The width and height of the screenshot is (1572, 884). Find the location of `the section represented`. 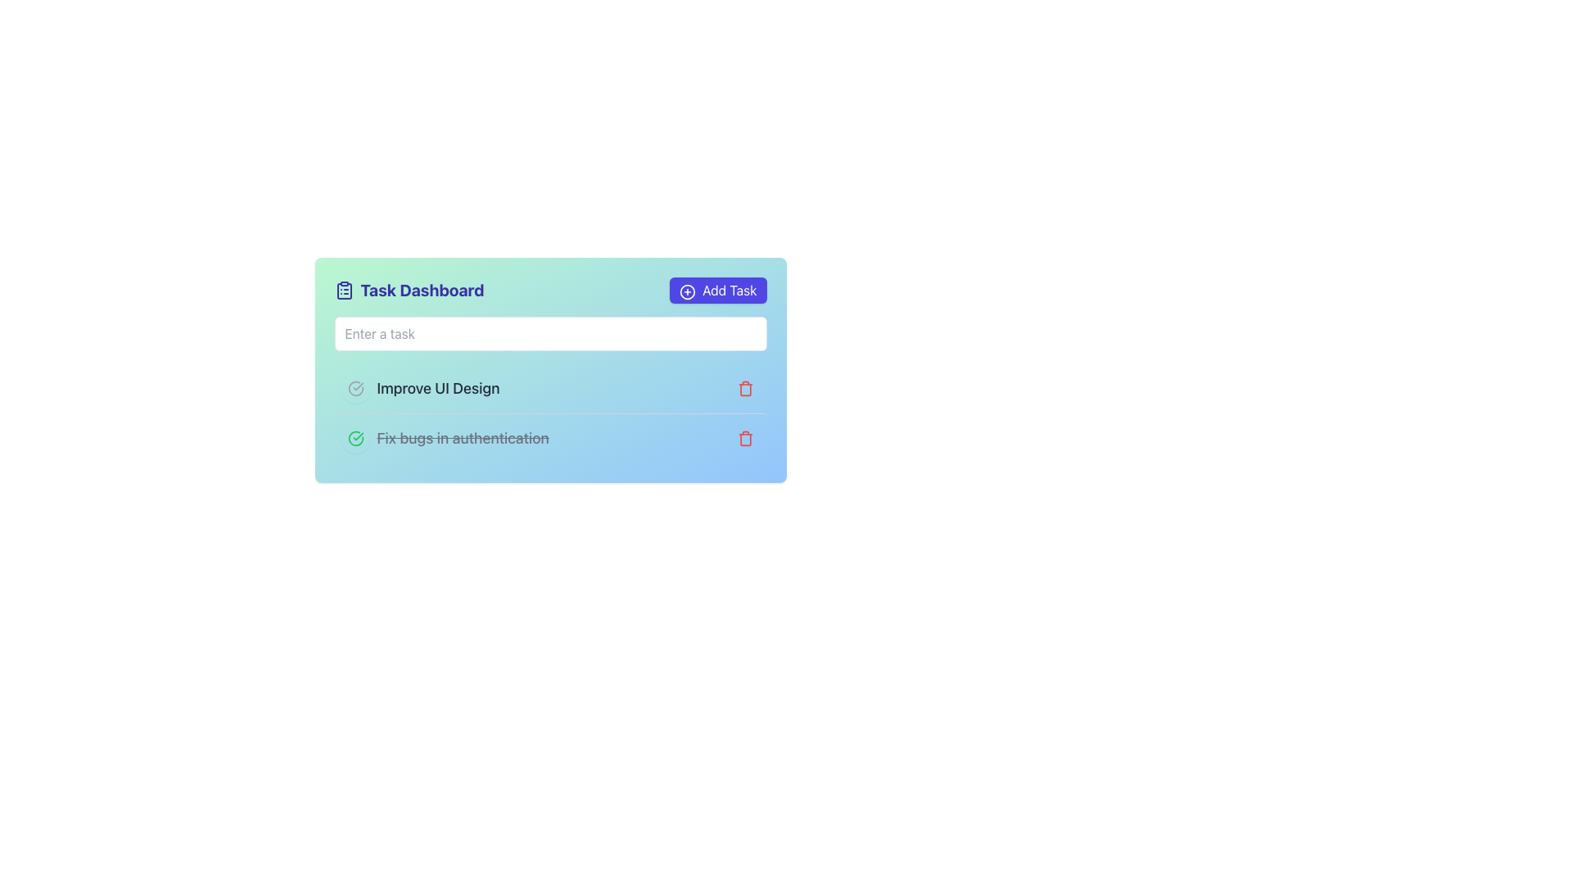

the section represented is located at coordinates (343, 289).